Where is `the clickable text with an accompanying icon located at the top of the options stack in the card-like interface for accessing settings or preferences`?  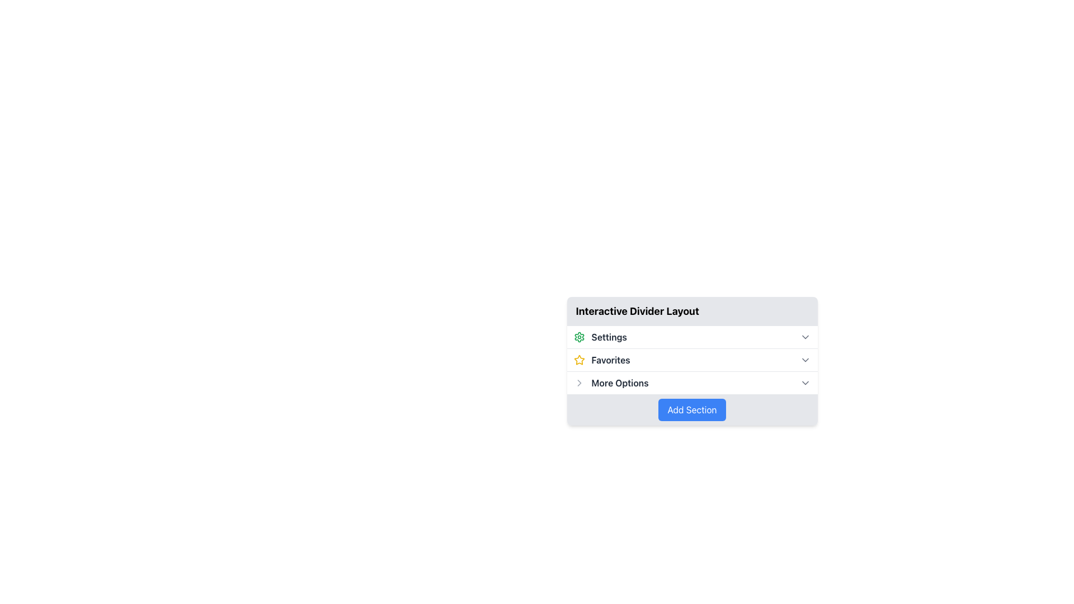
the clickable text with an accompanying icon located at the top of the options stack in the card-like interface for accessing settings or preferences is located at coordinates (600, 336).